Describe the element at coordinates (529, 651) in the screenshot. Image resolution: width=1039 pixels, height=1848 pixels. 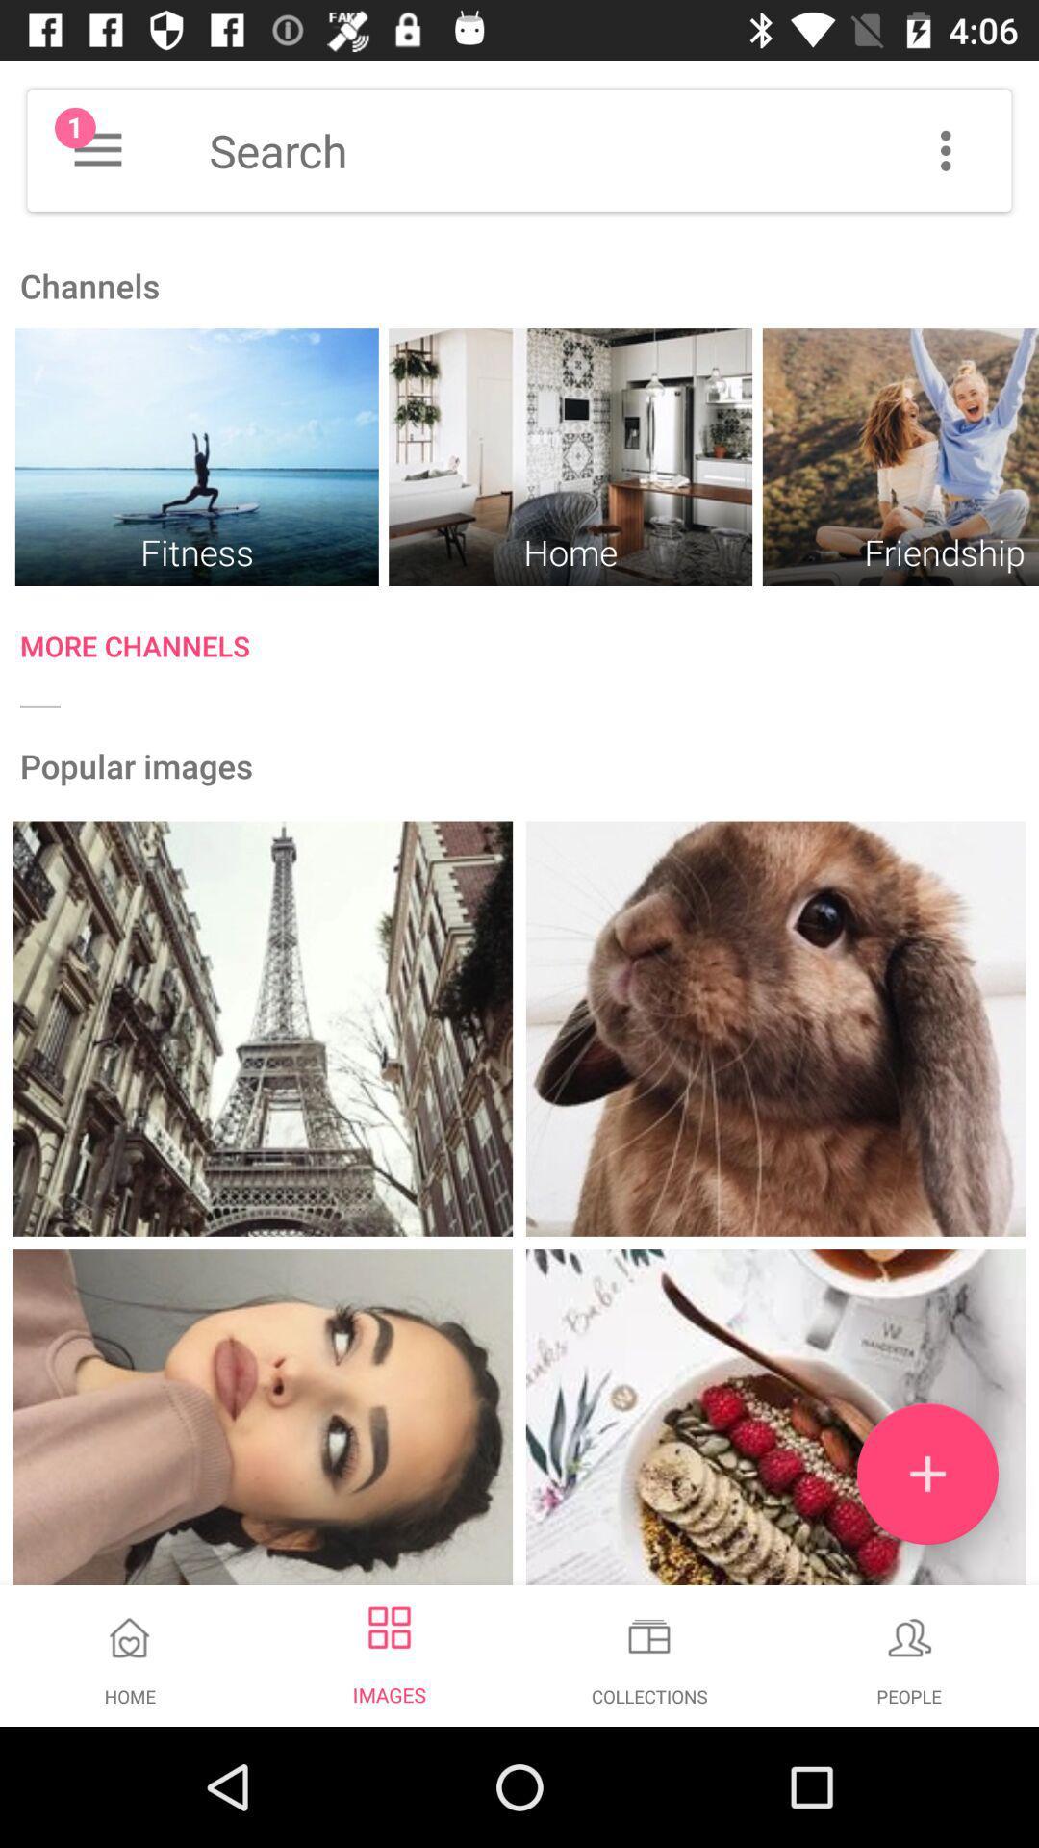
I see `the more channels  below fitness` at that location.